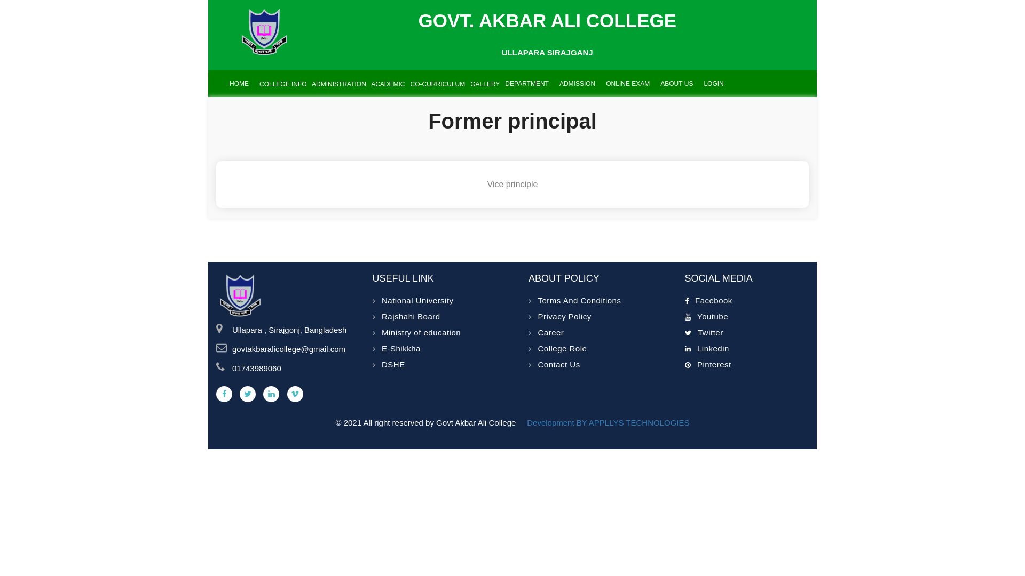  What do you see at coordinates (707, 364) in the screenshot?
I see `'Pinterest'` at bounding box center [707, 364].